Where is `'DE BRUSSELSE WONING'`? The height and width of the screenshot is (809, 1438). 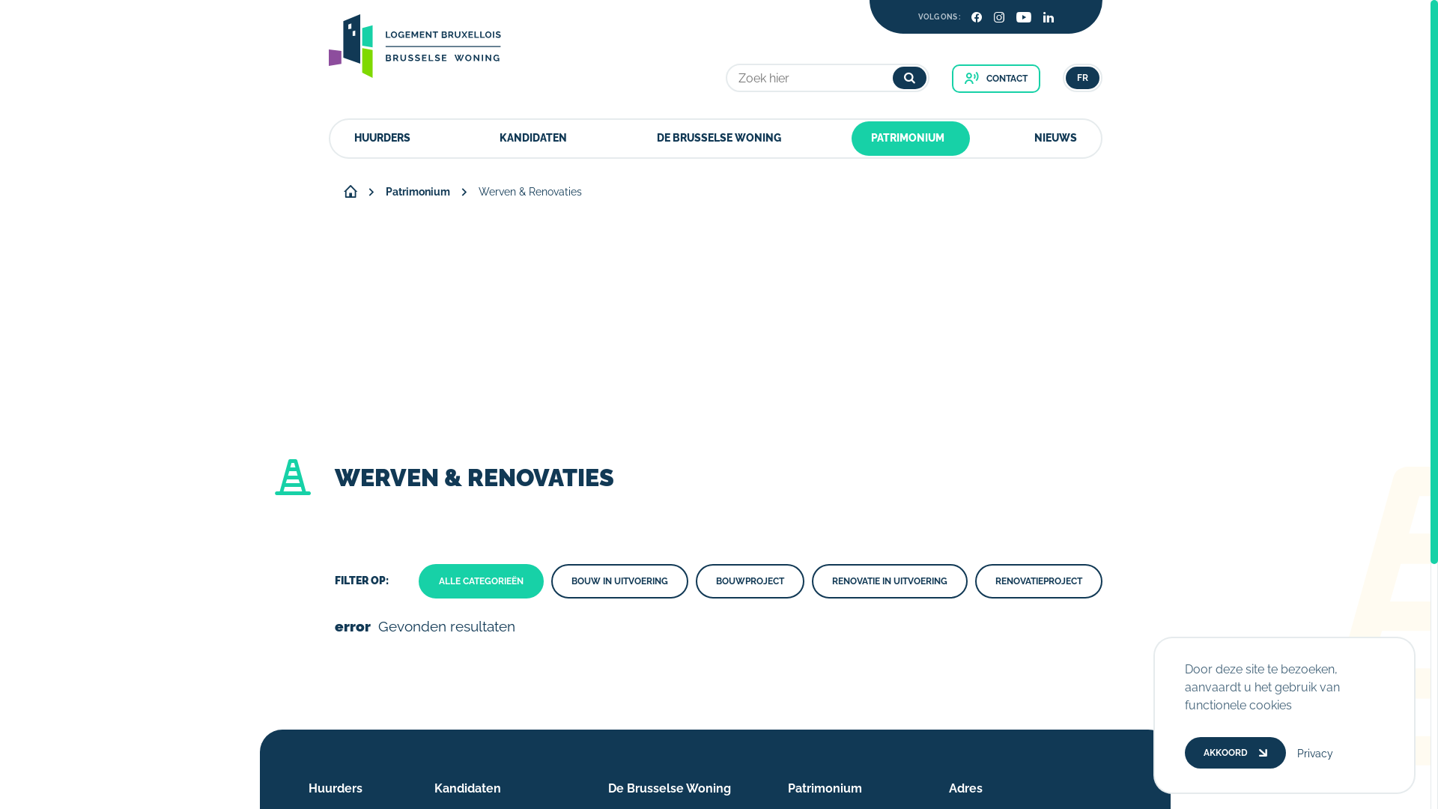
'DE BRUSSELSE WONING' is located at coordinates (719, 138).